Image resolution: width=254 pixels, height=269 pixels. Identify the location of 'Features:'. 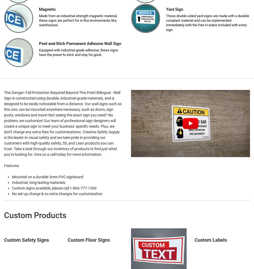
(11, 165).